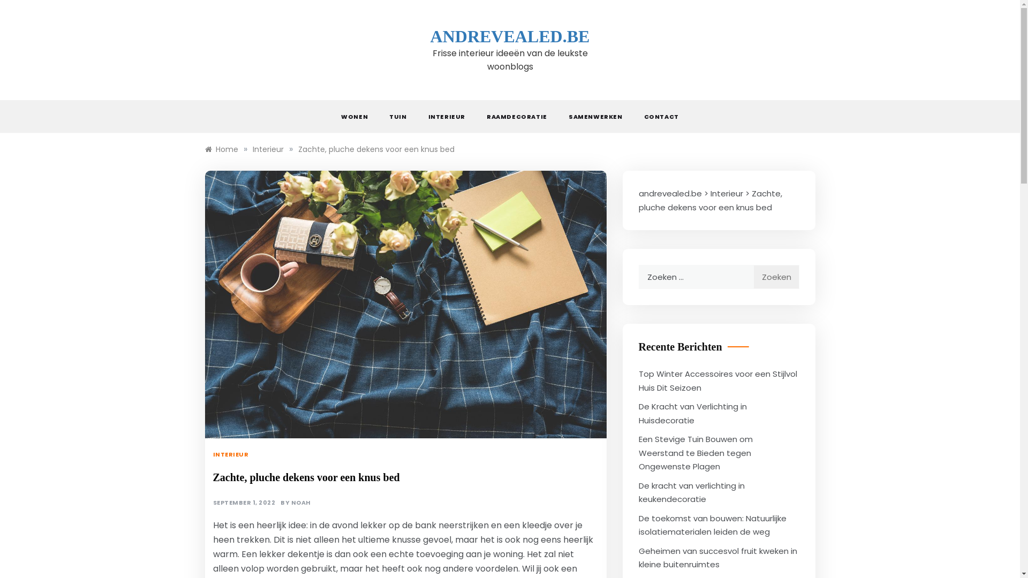 The width and height of the screenshot is (1028, 578). Describe the element at coordinates (776, 276) in the screenshot. I see `'Zoeken'` at that location.